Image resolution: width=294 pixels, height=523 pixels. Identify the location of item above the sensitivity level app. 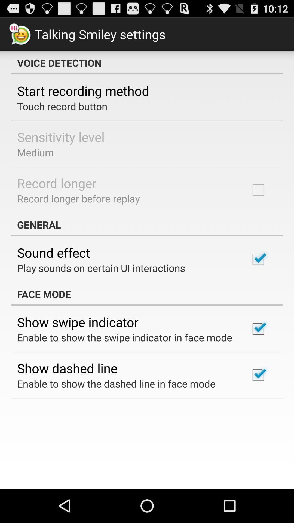
(62, 106).